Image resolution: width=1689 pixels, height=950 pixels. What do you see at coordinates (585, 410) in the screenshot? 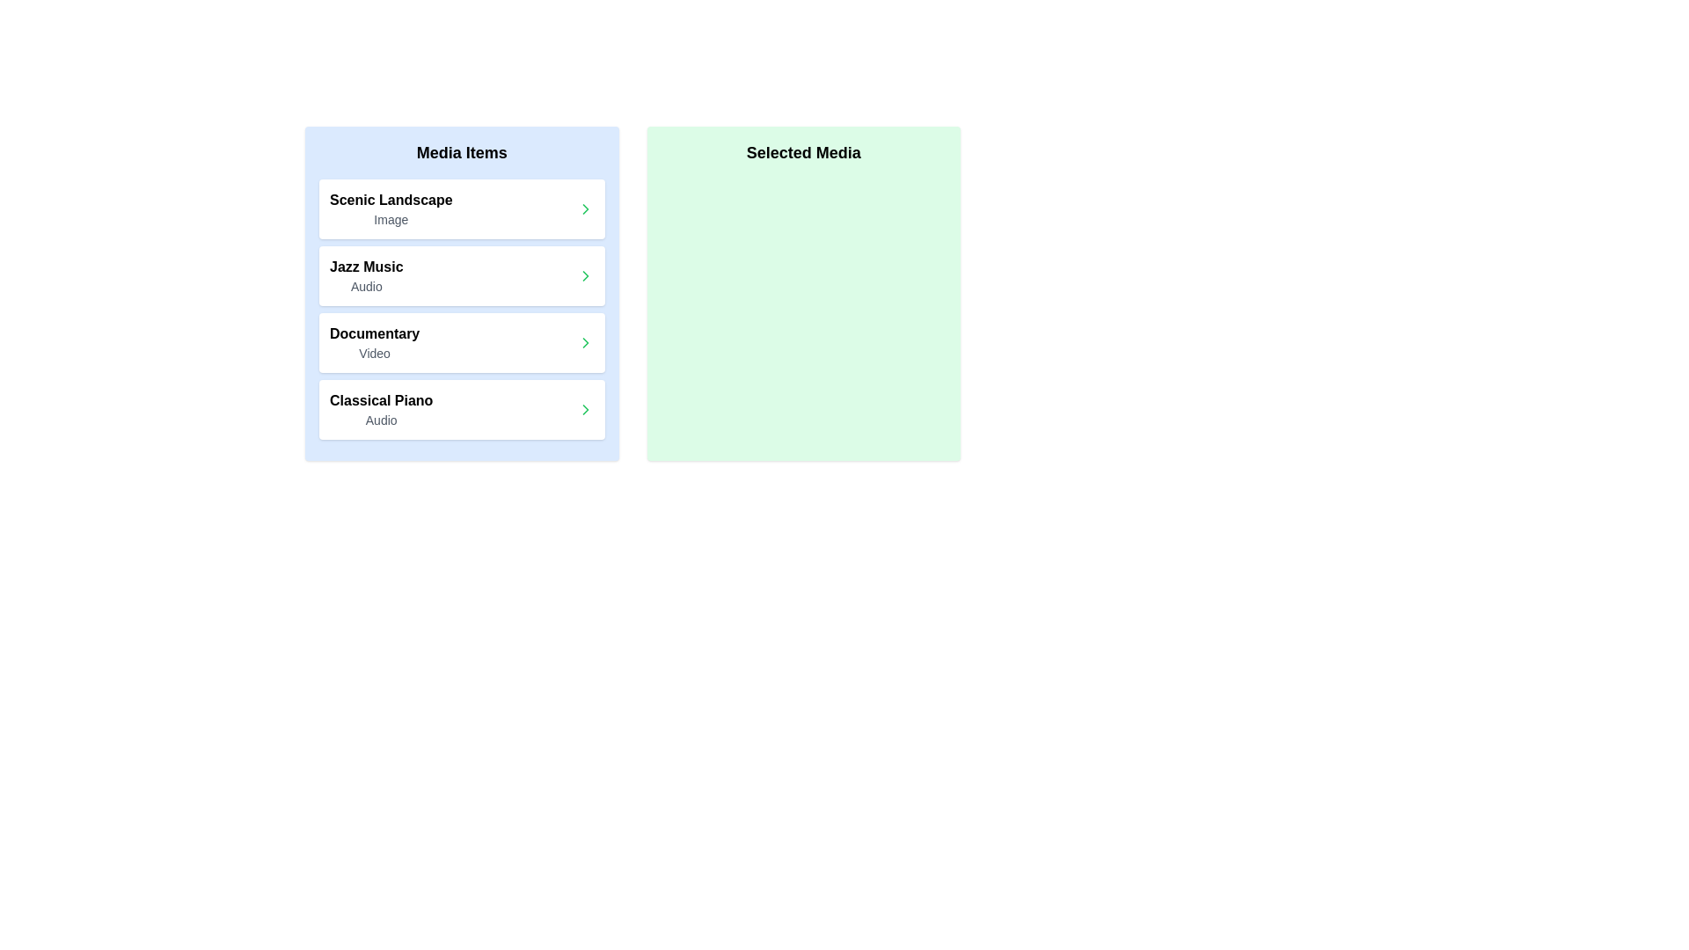
I see `right arrow button next to the item named 'Classical Piano' in the 'Media Items' list` at bounding box center [585, 410].